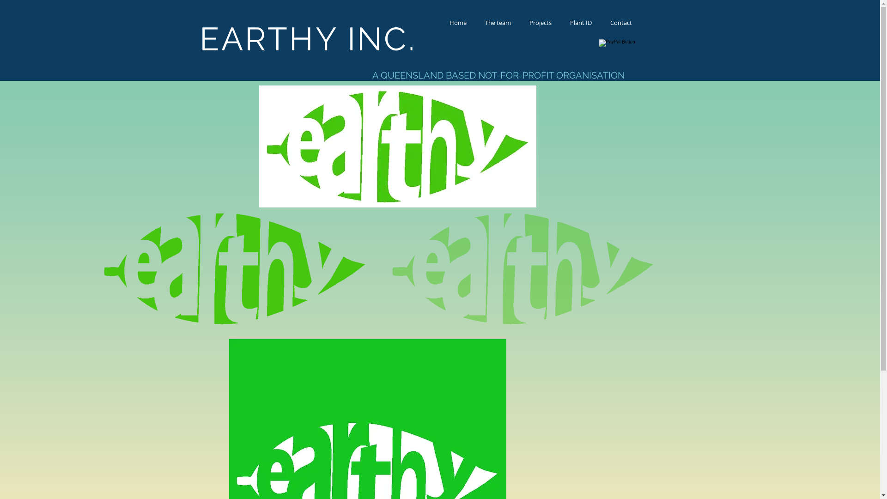 Image resolution: width=887 pixels, height=499 pixels. I want to click on 'Contact', so click(620, 22).